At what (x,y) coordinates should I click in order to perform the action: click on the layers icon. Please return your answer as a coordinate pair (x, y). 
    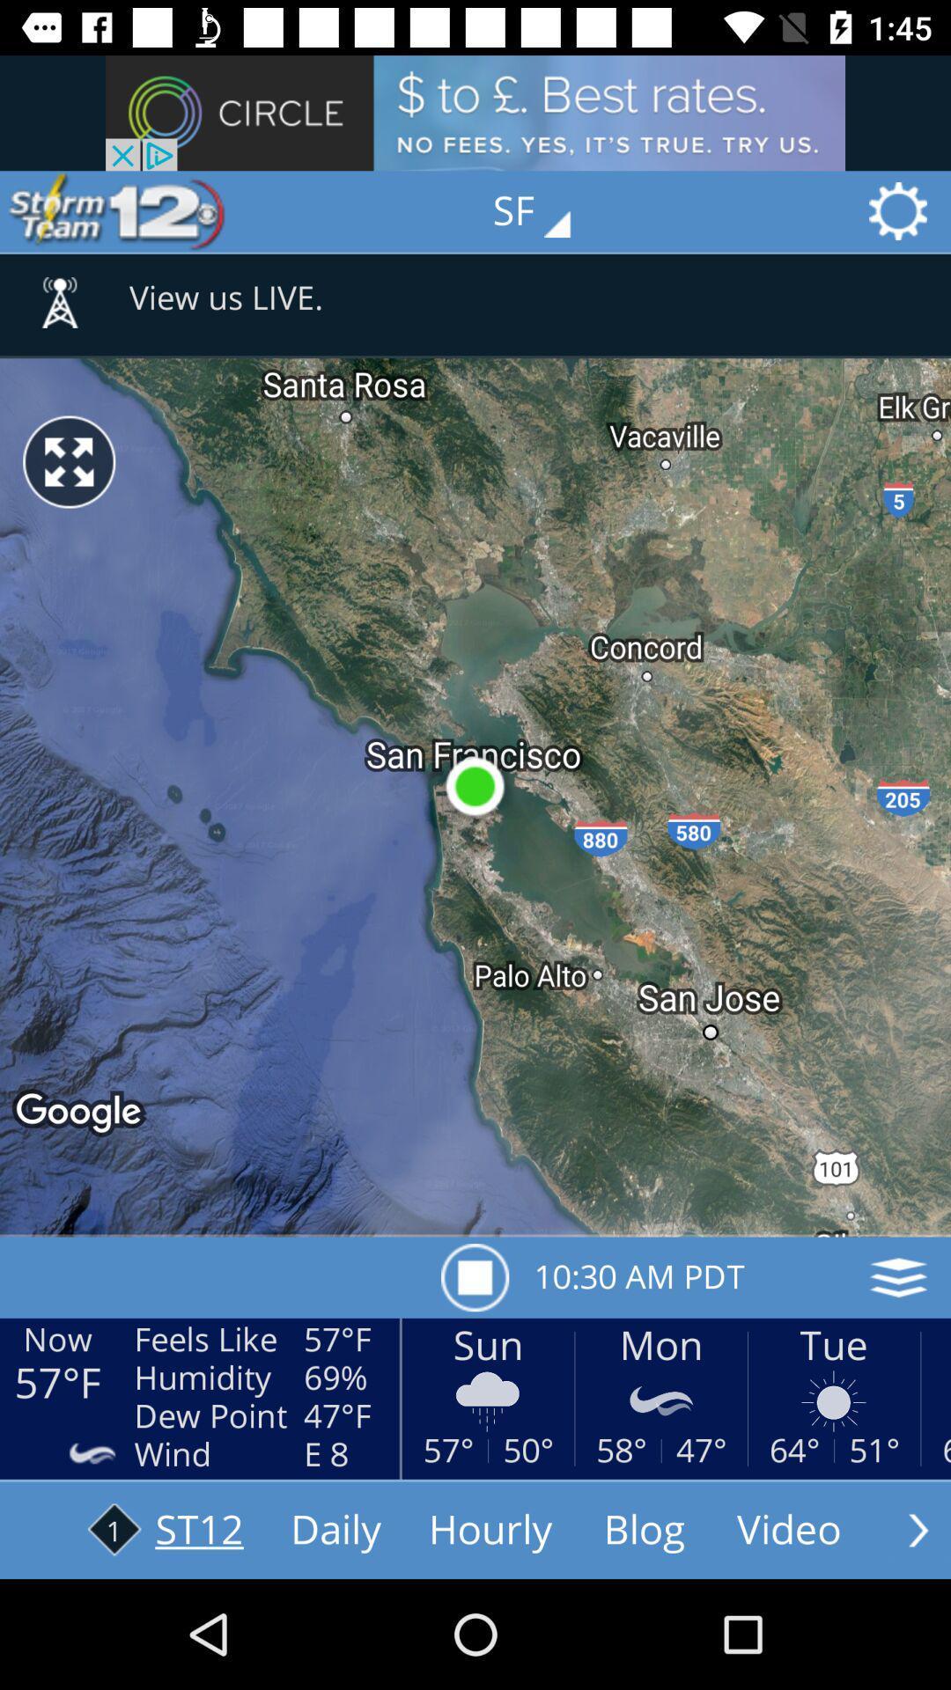
    Looking at the image, I should click on (898, 1277).